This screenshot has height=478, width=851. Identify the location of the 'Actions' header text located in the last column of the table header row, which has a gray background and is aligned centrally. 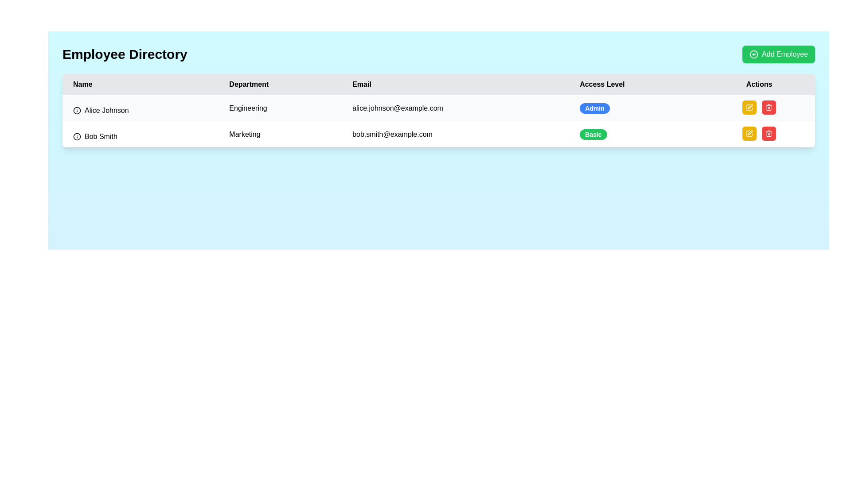
(759, 85).